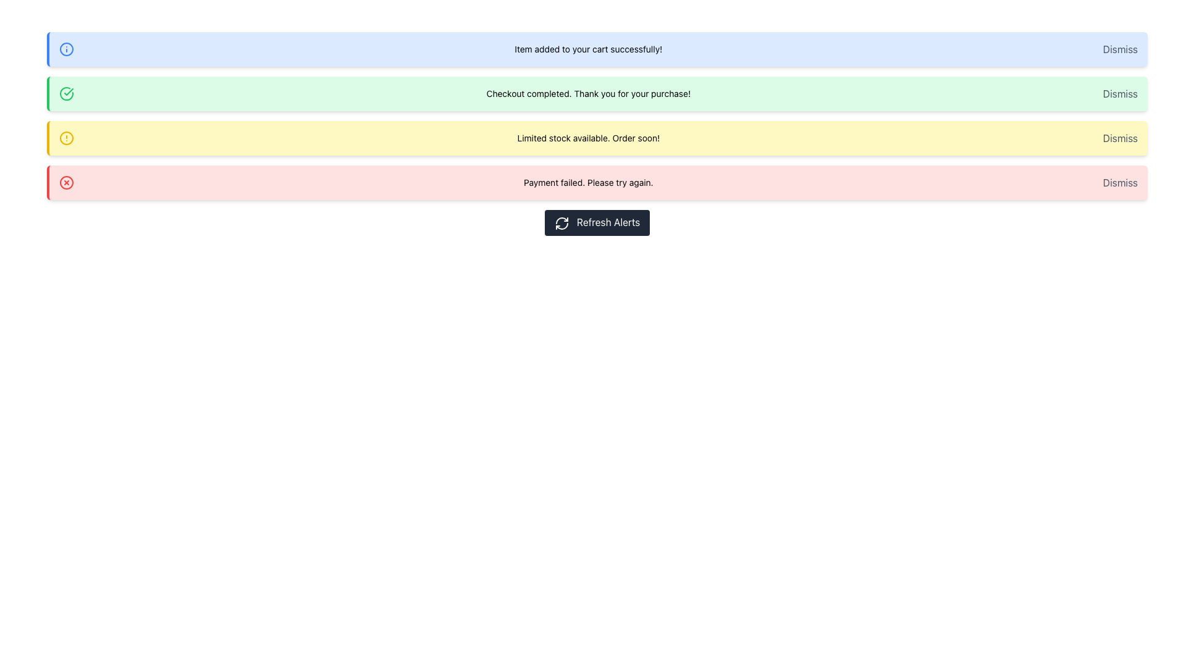 The image size is (1186, 667). Describe the element at coordinates (597, 138) in the screenshot. I see `the yellow notification banner that says 'Limited stock available. Order soon!'` at that location.